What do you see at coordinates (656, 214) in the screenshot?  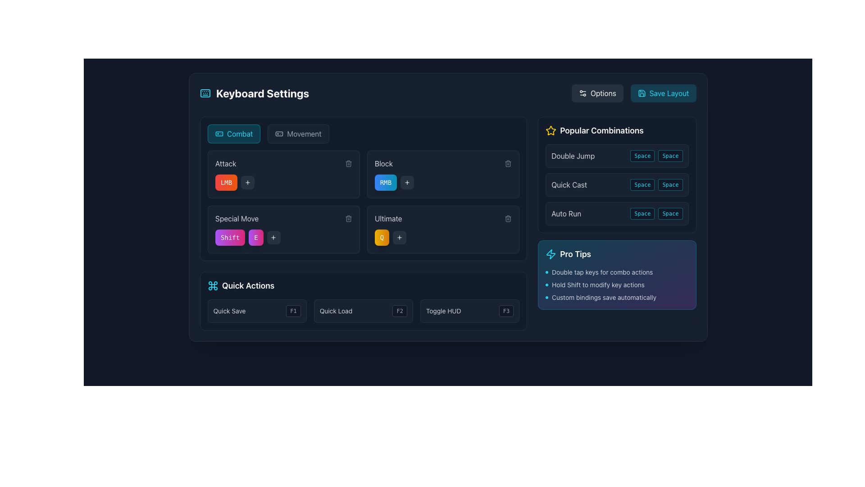 I see `each button in the 'Auto Run' key binding representation located in the 'Popular Combinations' section` at bounding box center [656, 214].